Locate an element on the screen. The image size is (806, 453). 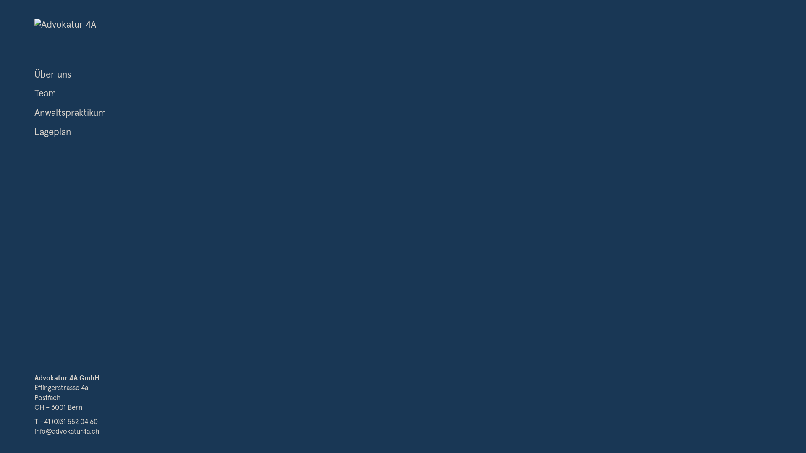
'info@advokatur4a.ch' is located at coordinates (34, 432).